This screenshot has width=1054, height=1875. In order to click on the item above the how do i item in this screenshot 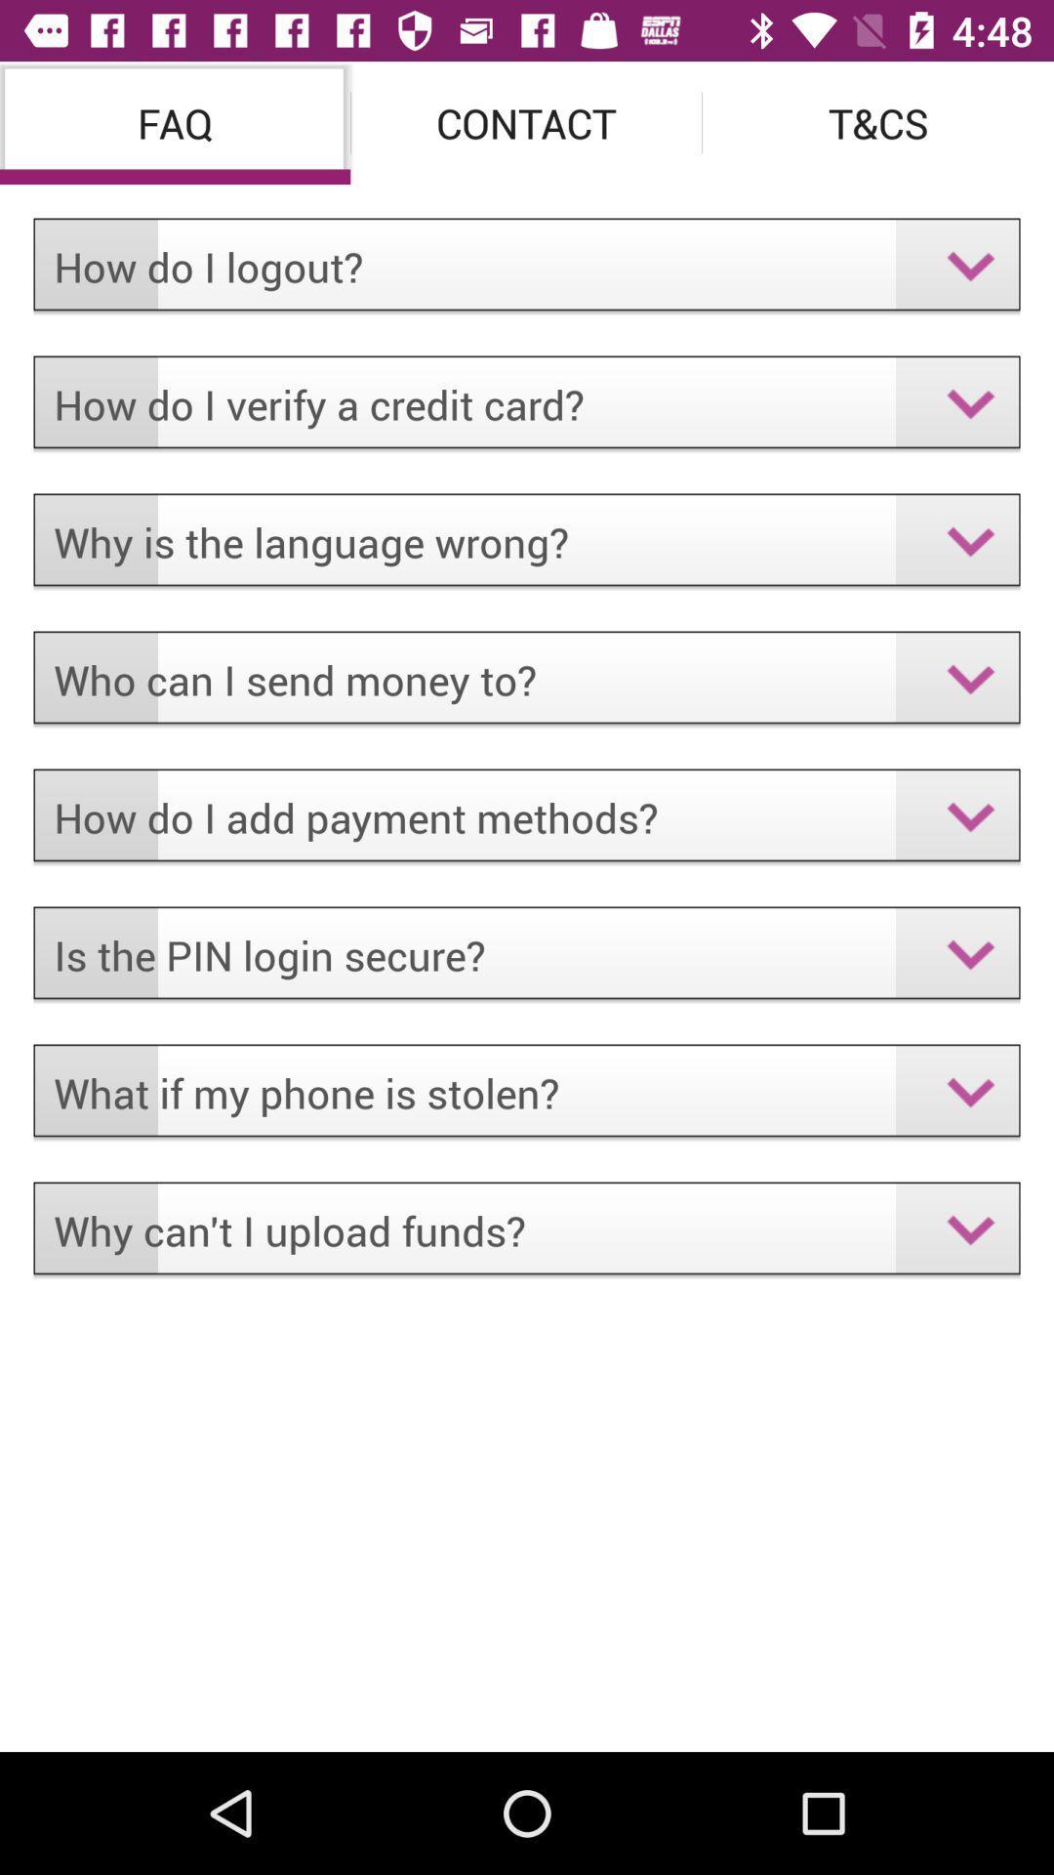, I will do `click(525, 121)`.